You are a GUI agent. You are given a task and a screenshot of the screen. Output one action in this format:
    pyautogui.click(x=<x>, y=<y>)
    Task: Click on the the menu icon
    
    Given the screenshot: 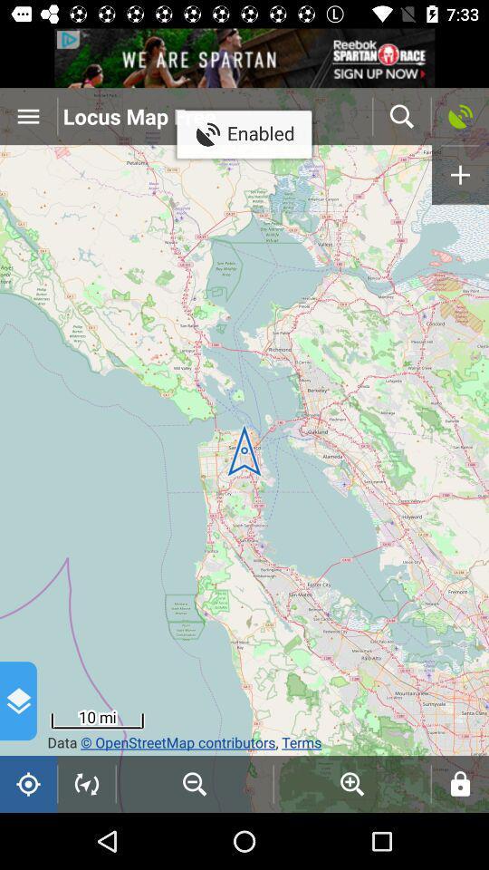 What is the action you would take?
    pyautogui.click(x=27, y=115)
    